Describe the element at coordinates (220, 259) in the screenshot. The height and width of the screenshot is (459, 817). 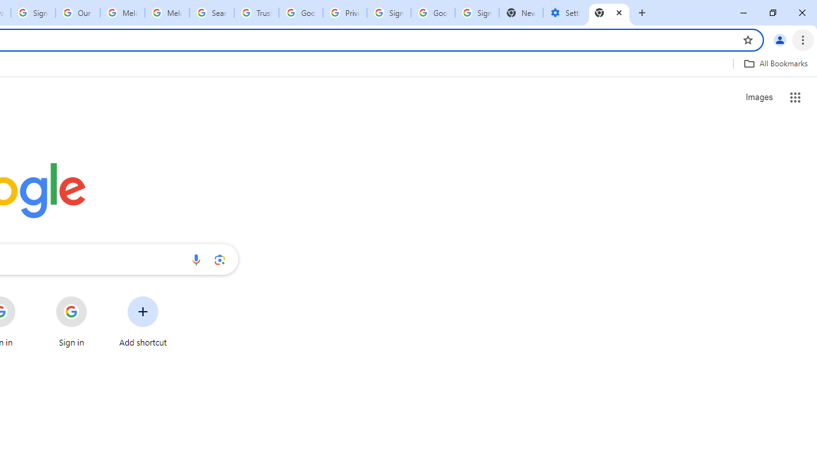
I see `'Search by image'` at that location.